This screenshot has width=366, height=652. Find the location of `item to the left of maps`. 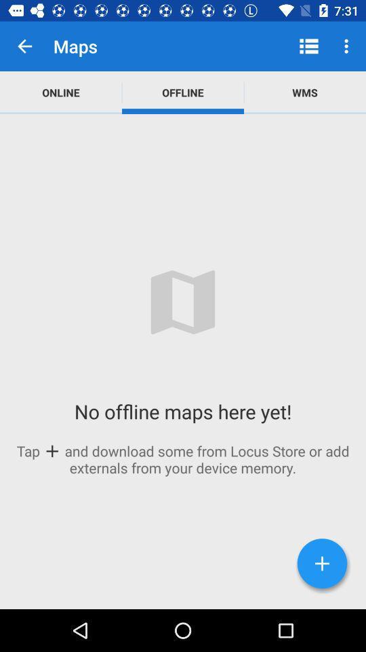

item to the left of maps is located at coordinates (24, 46).